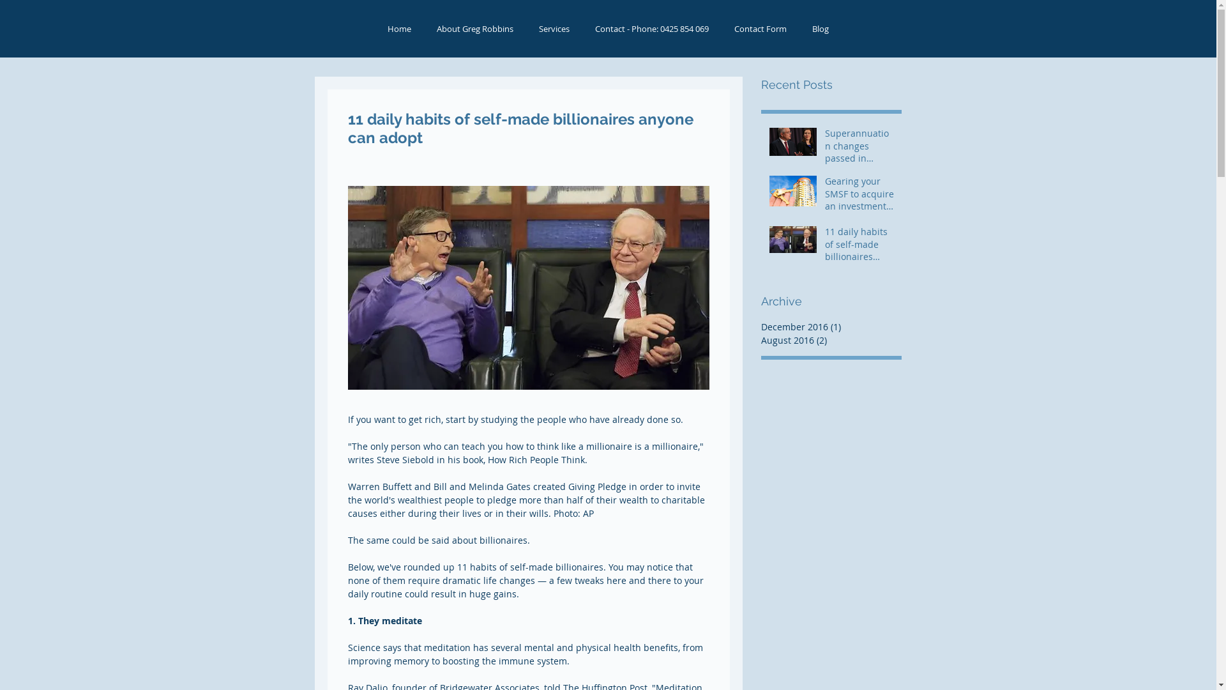  What do you see at coordinates (859, 196) in the screenshot?
I see `'Gearing your SMSF to acquire an investment property'` at bounding box center [859, 196].